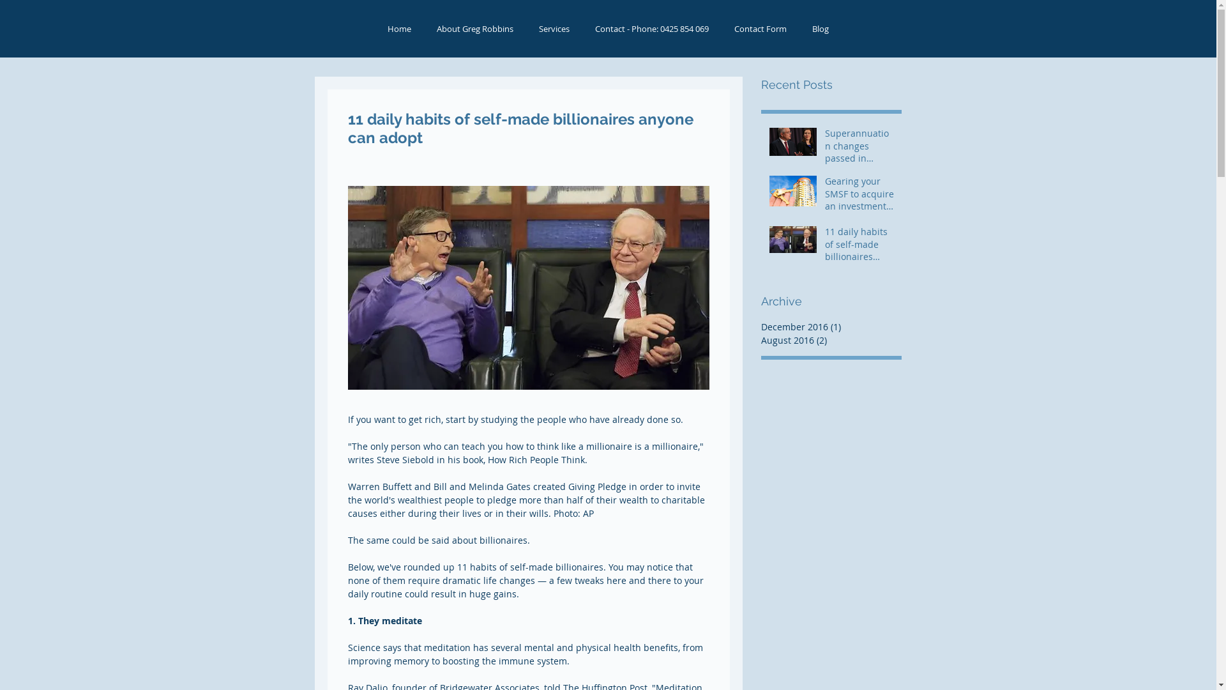  What do you see at coordinates (859, 196) in the screenshot?
I see `'Gearing your SMSF to acquire an investment property'` at bounding box center [859, 196].